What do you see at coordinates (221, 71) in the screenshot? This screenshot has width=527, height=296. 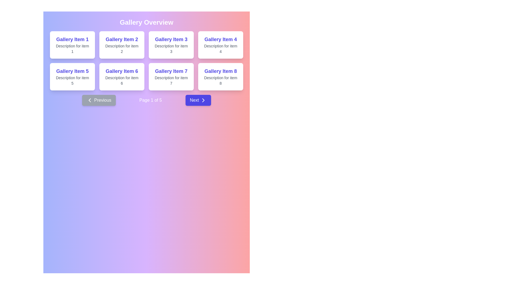 I see `displayed text 'Gallery Item 8' from the bold text label located in the bottom-right corner of the grid layout` at bounding box center [221, 71].